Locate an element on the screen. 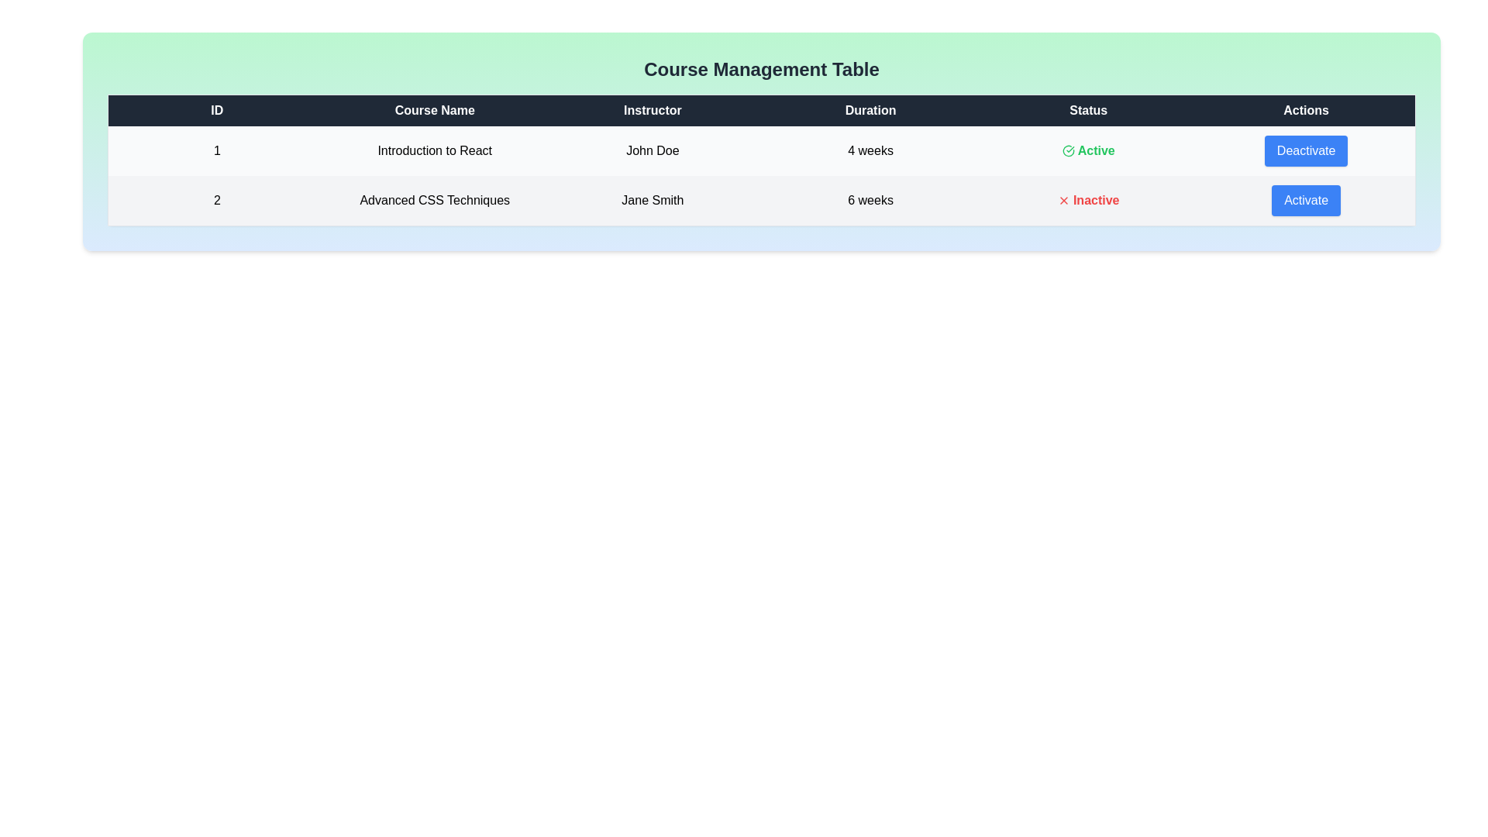 This screenshot has height=837, width=1488. the button in the 'Actions' column of the table row titled 'Advanced CSS Techniques' is located at coordinates (1305, 199).